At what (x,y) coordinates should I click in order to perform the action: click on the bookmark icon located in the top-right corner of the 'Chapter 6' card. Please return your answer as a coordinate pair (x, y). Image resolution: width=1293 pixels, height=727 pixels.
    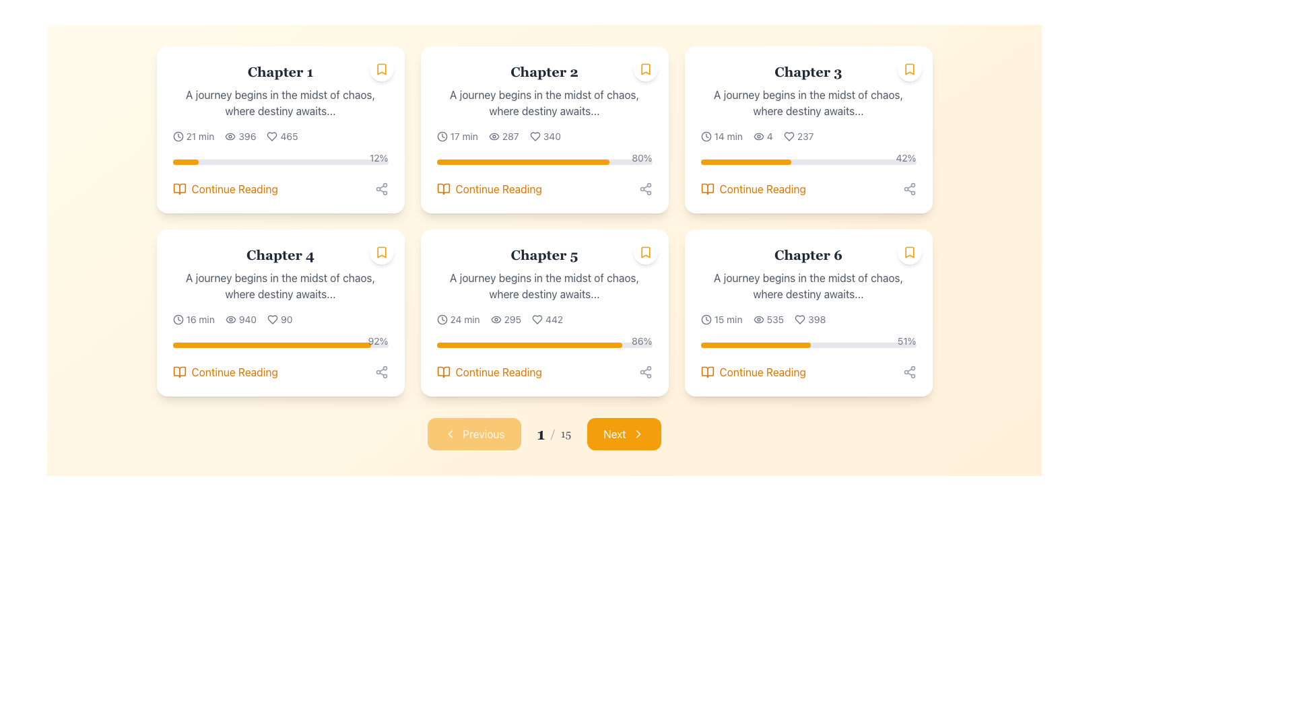
    Looking at the image, I should click on (909, 252).